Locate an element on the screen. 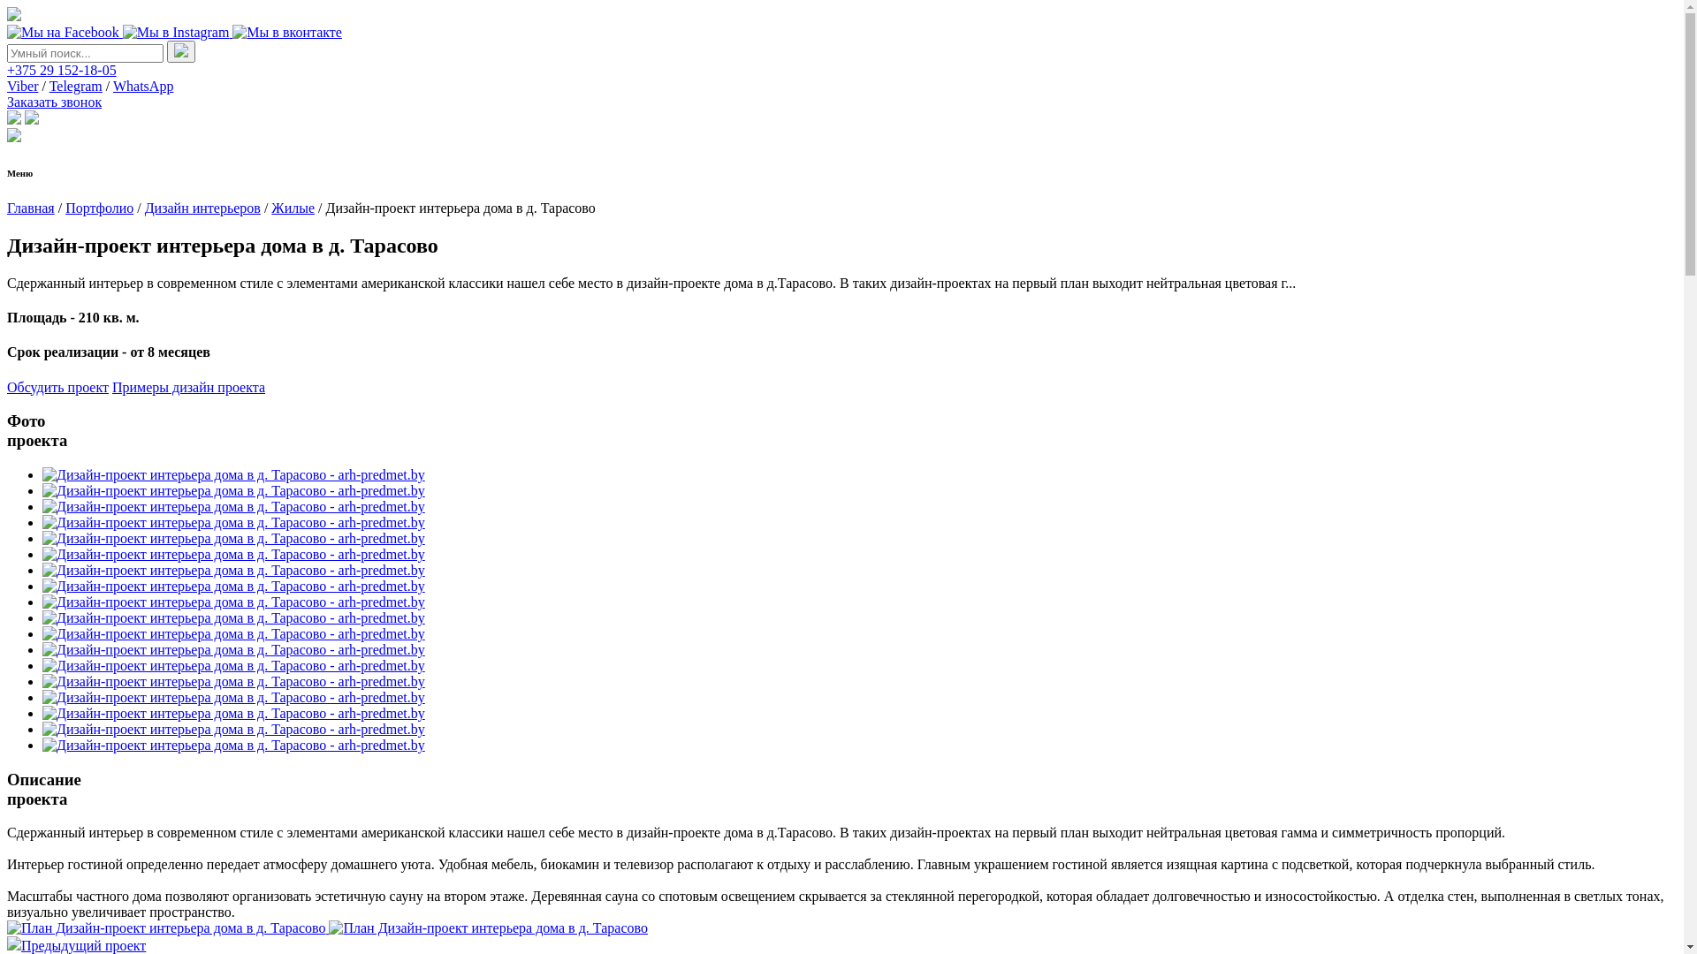  'Viber' is located at coordinates (7, 86).